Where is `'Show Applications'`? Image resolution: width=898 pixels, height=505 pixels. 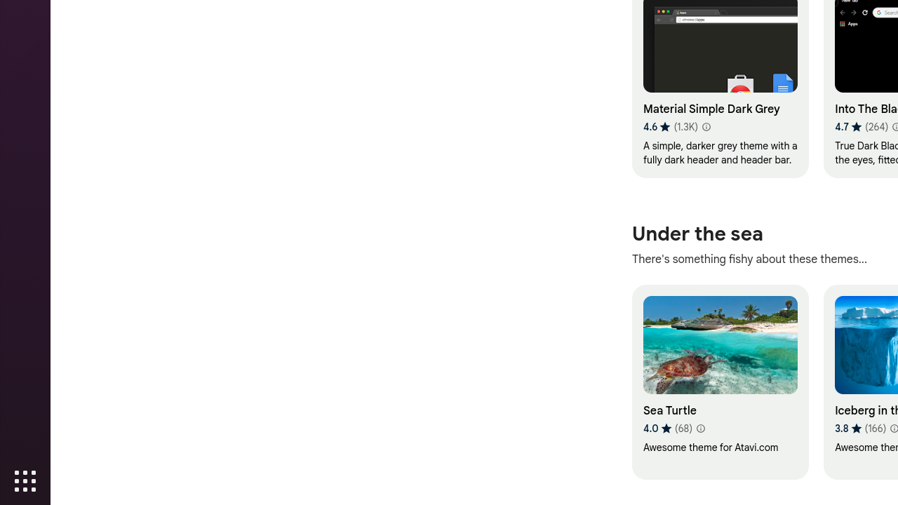
'Show Applications' is located at coordinates (25, 480).